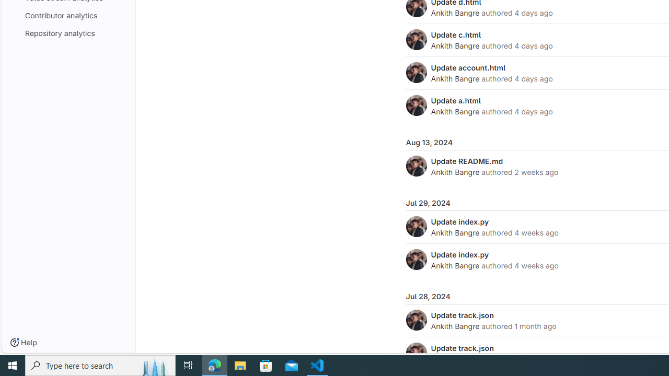 Image resolution: width=669 pixels, height=376 pixels. What do you see at coordinates (456, 34) in the screenshot?
I see `'Update c.html'` at bounding box center [456, 34].